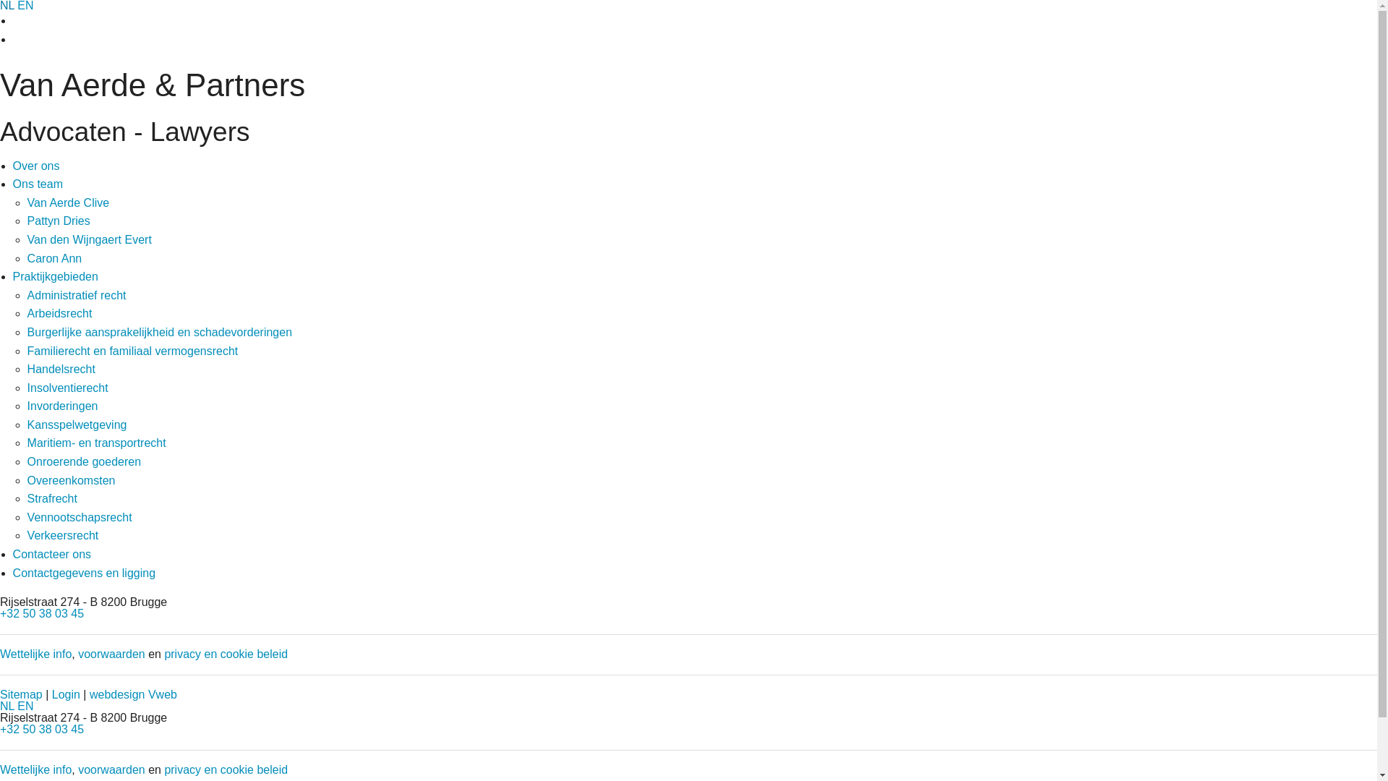  I want to click on 'Insolventierecht', so click(67, 387).